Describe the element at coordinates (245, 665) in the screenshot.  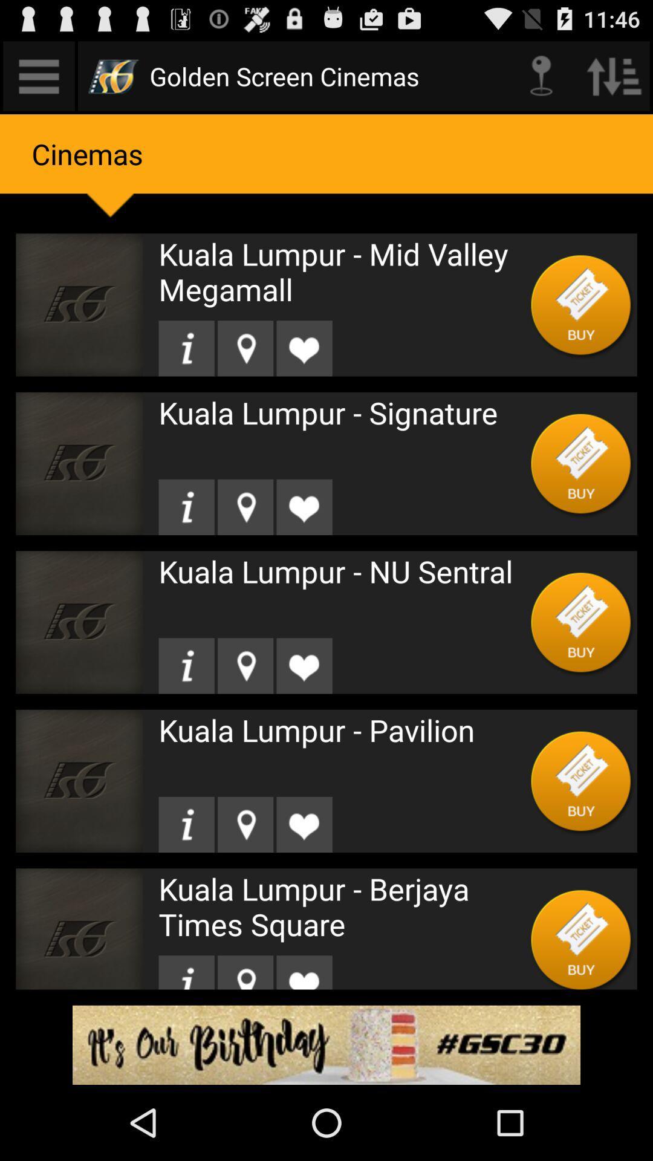
I see `see location` at that location.